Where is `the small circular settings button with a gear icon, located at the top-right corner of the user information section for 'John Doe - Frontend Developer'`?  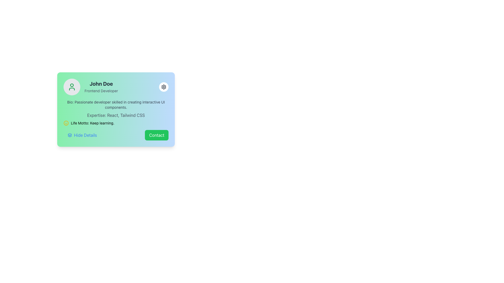 the small circular settings button with a gear icon, located at the top-right corner of the user information section for 'John Doe - Frontend Developer' is located at coordinates (164, 86).